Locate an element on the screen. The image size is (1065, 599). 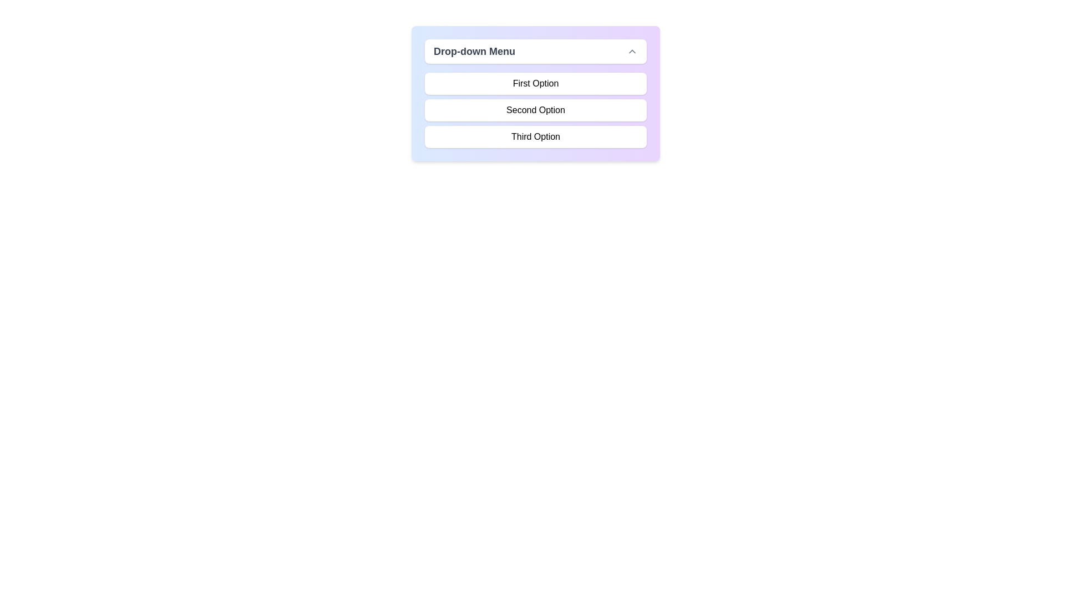
the 'Drop-down Menu' button is located at coordinates (535, 51).